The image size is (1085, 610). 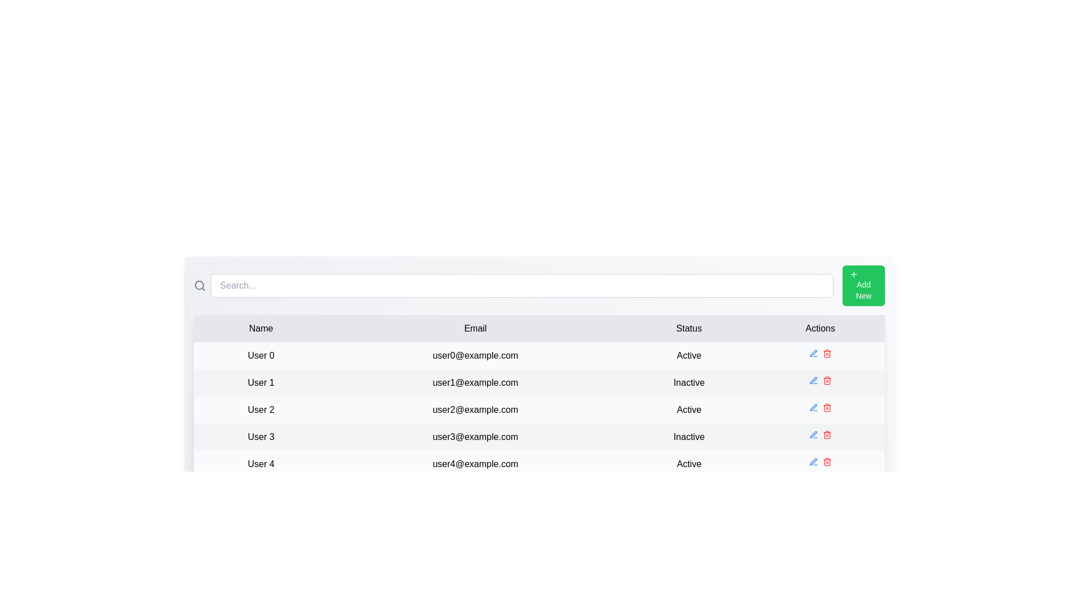 What do you see at coordinates (813, 434) in the screenshot?
I see `the edit icon for the row corresponding to User 3` at bounding box center [813, 434].